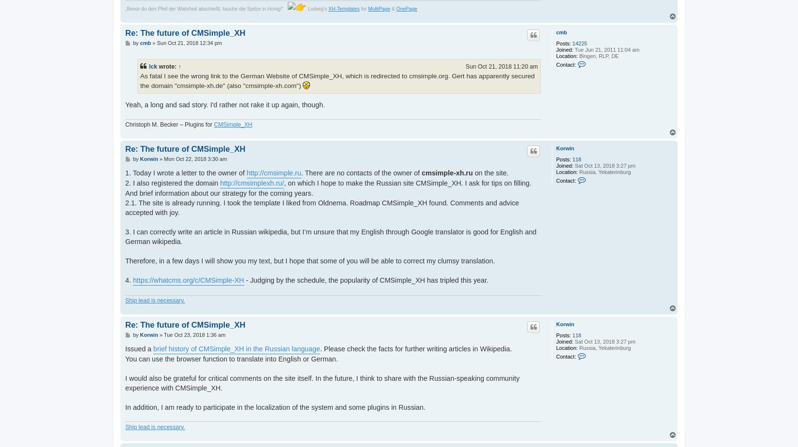 The image size is (798, 447). What do you see at coordinates (232, 123) in the screenshot?
I see `'CMSimple_XH'` at bounding box center [232, 123].